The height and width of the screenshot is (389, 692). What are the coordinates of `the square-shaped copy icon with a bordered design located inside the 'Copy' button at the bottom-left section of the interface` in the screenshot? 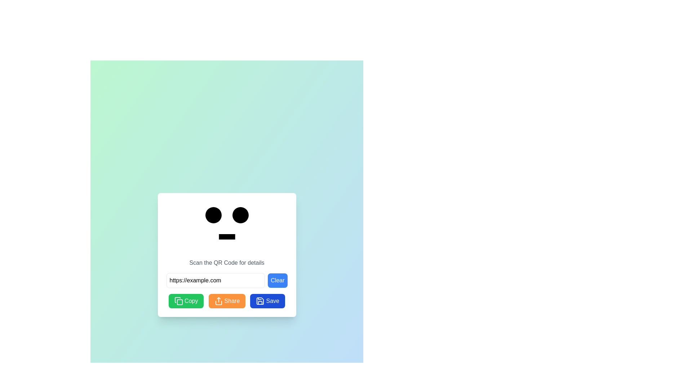 It's located at (179, 301).